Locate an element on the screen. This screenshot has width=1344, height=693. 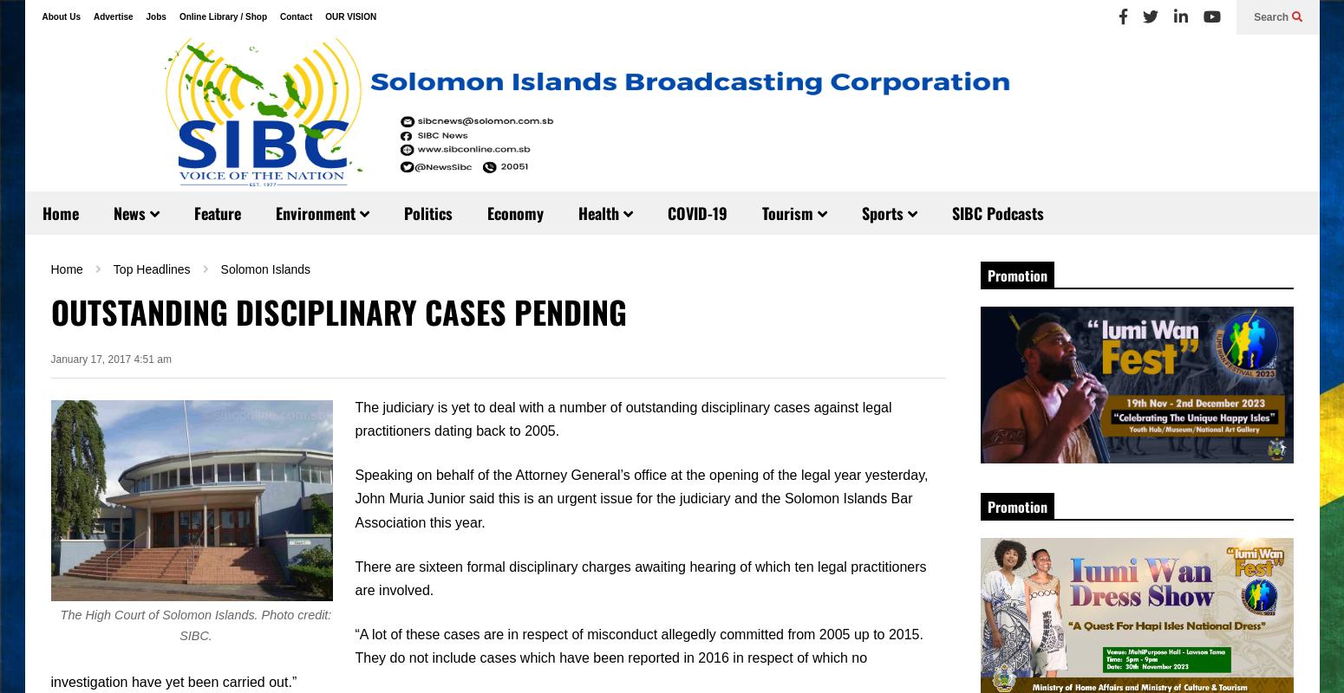
'Speaking on behalf of the Attorney General’s office at the opening of the legal year yesterday, John Muria Junior said this is an urgent issue for the judiciary and the Solomon Islands Bar Association this year.' is located at coordinates (355, 497).